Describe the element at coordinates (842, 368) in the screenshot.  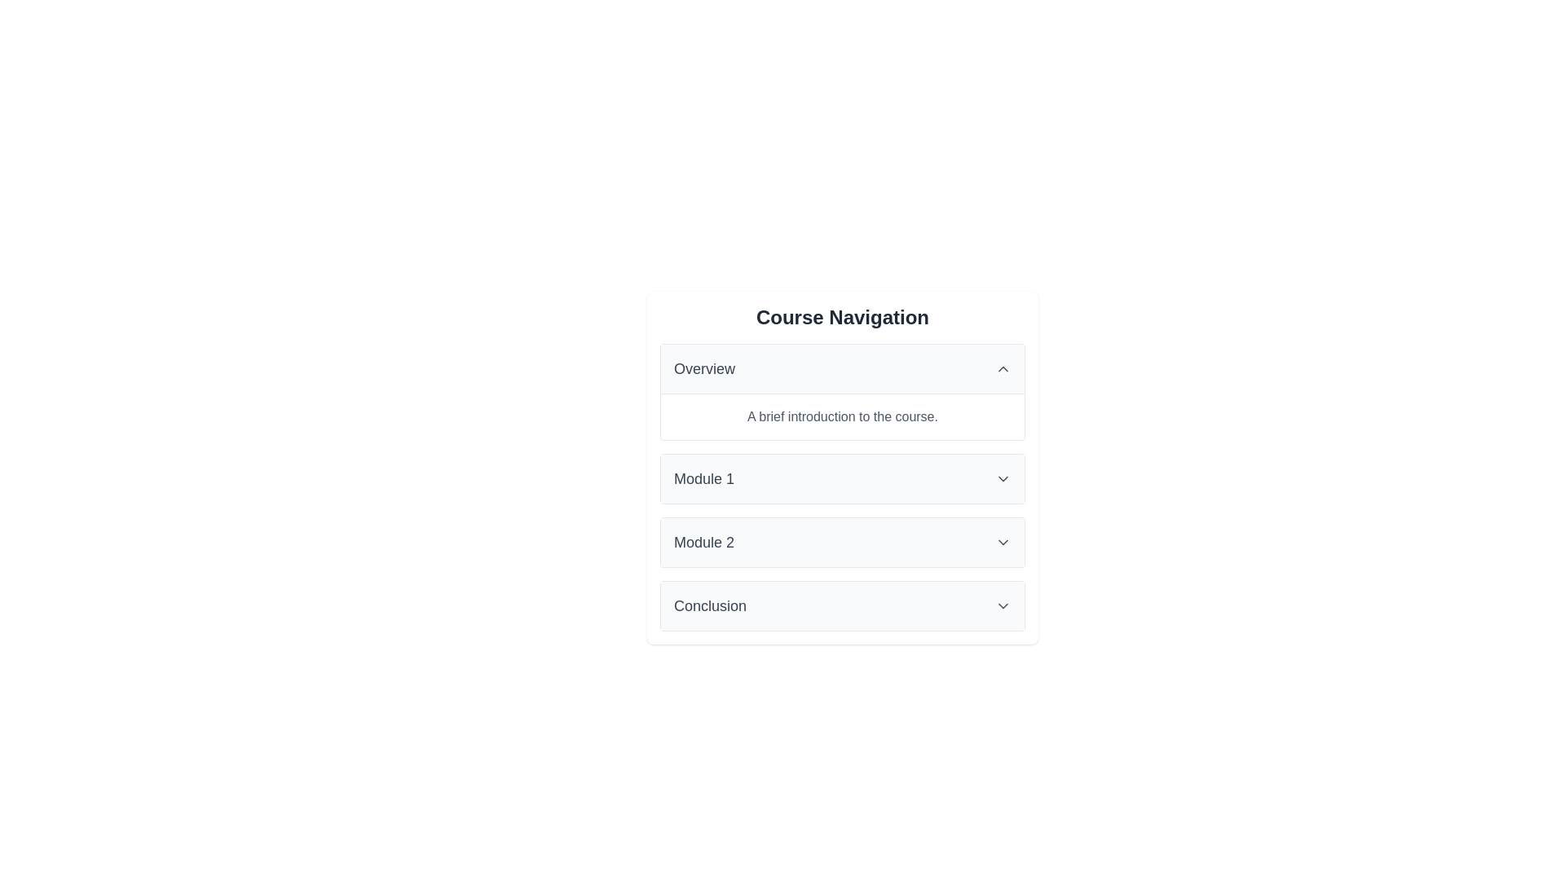
I see `the toggle button for the 'Overview' section in the sidebar menu` at that location.